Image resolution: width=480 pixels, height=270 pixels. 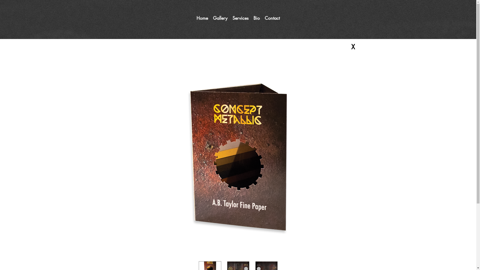 I want to click on 'Services', so click(x=240, y=18).